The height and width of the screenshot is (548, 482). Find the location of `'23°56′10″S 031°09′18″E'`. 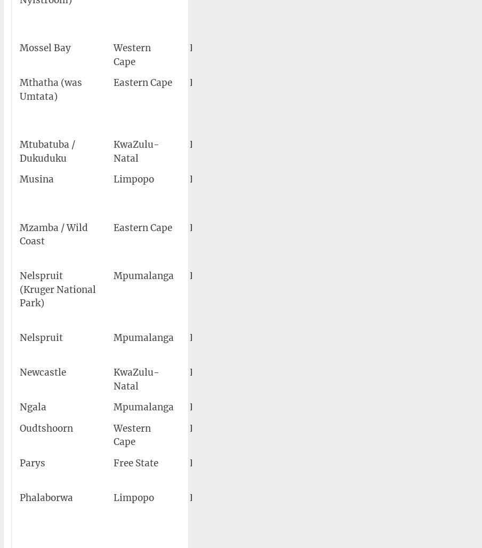

'23°56′10″S 031°09′18″E' is located at coordinates (399, 504).